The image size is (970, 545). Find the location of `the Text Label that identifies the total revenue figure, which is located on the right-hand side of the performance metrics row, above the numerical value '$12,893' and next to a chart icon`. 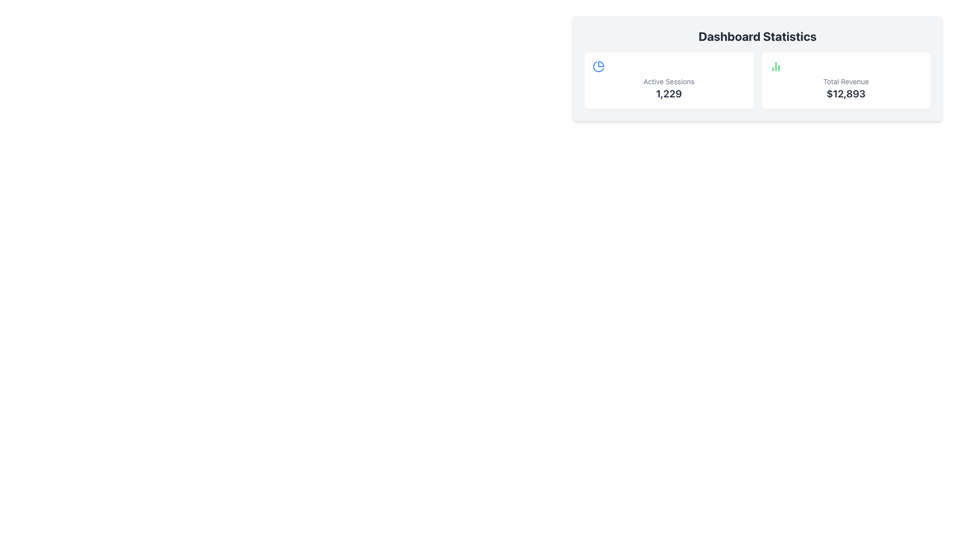

the Text Label that identifies the total revenue figure, which is located on the right-hand side of the performance metrics row, above the numerical value '$12,893' and next to a chart icon is located at coordinates (846, 81).